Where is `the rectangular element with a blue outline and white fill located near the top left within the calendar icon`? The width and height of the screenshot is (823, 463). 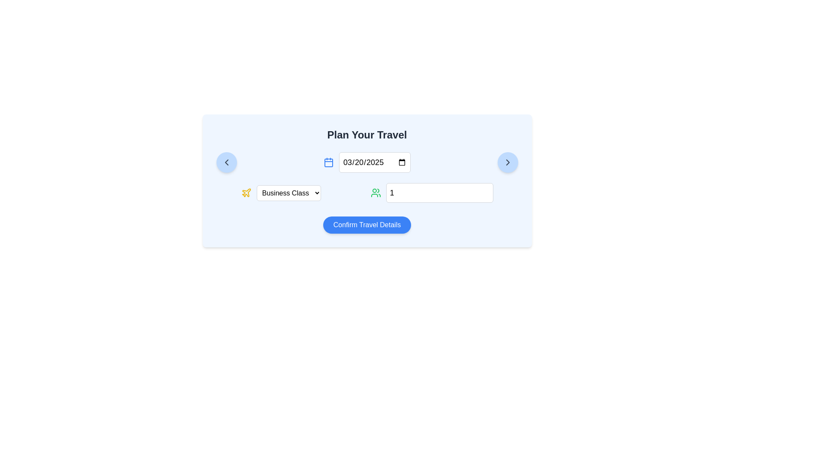 the rectangular element with a blue outline and white fill located near the top left within the calendar icon is located at coordinates (328, 163).